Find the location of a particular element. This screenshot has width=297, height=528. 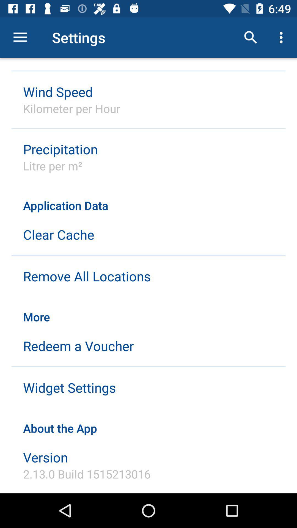

the item below the application data is located at coordinates (59, 234).